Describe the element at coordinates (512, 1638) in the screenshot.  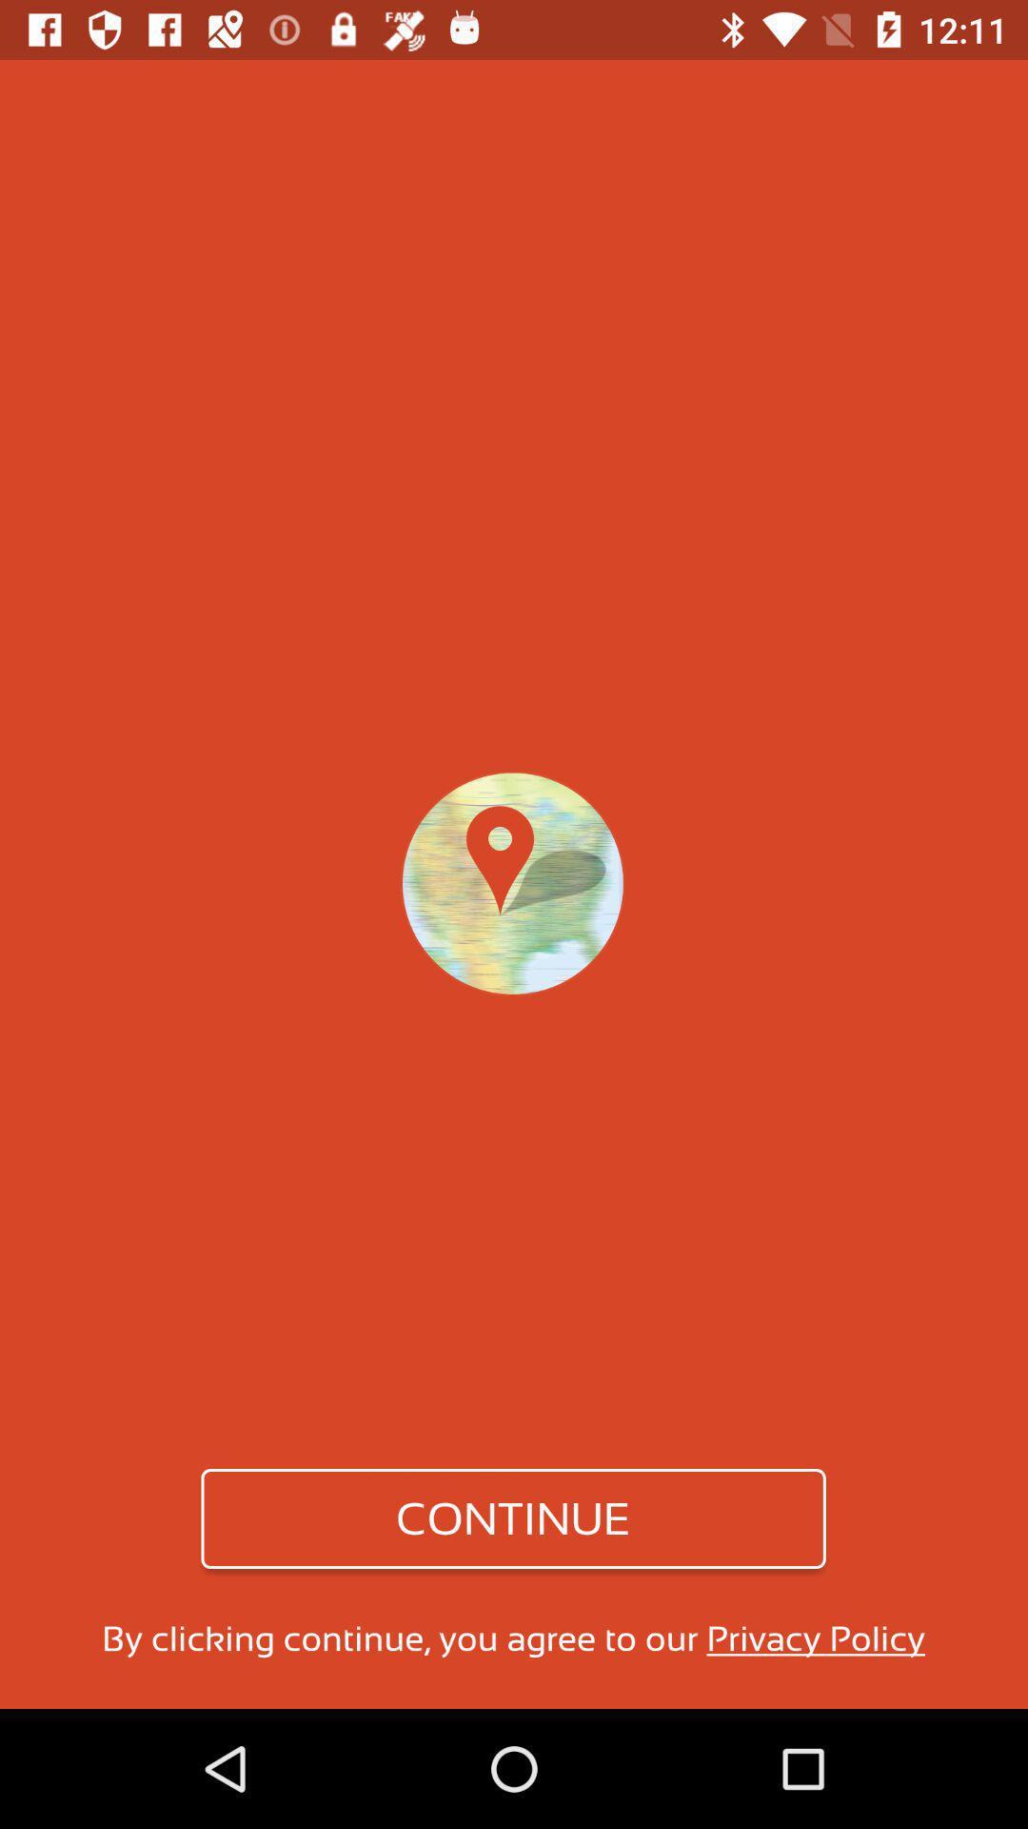
I see `by clicking continue` at that location.